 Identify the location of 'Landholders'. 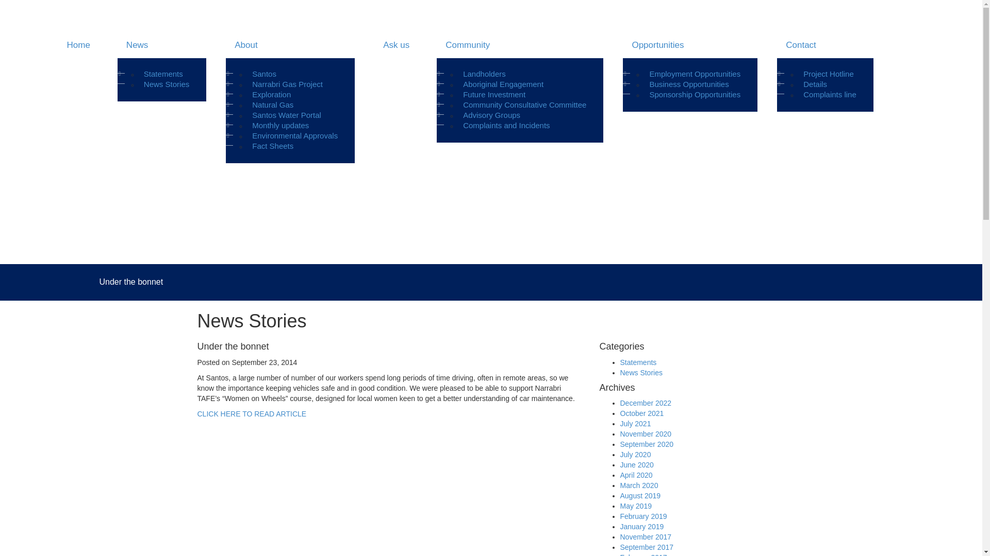
(457, 73).